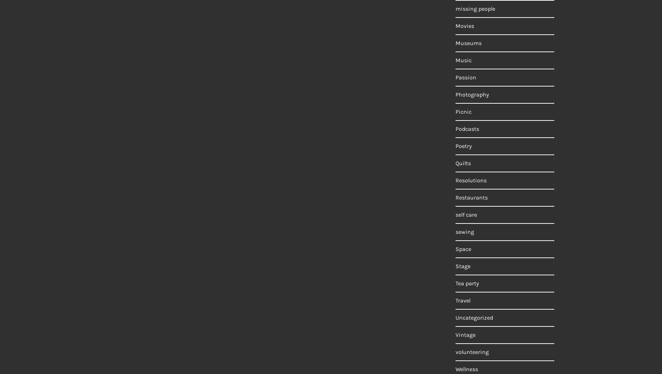 This screenshot has height=374, width=662. I want to click on 'Poetry', so click(463, 146).